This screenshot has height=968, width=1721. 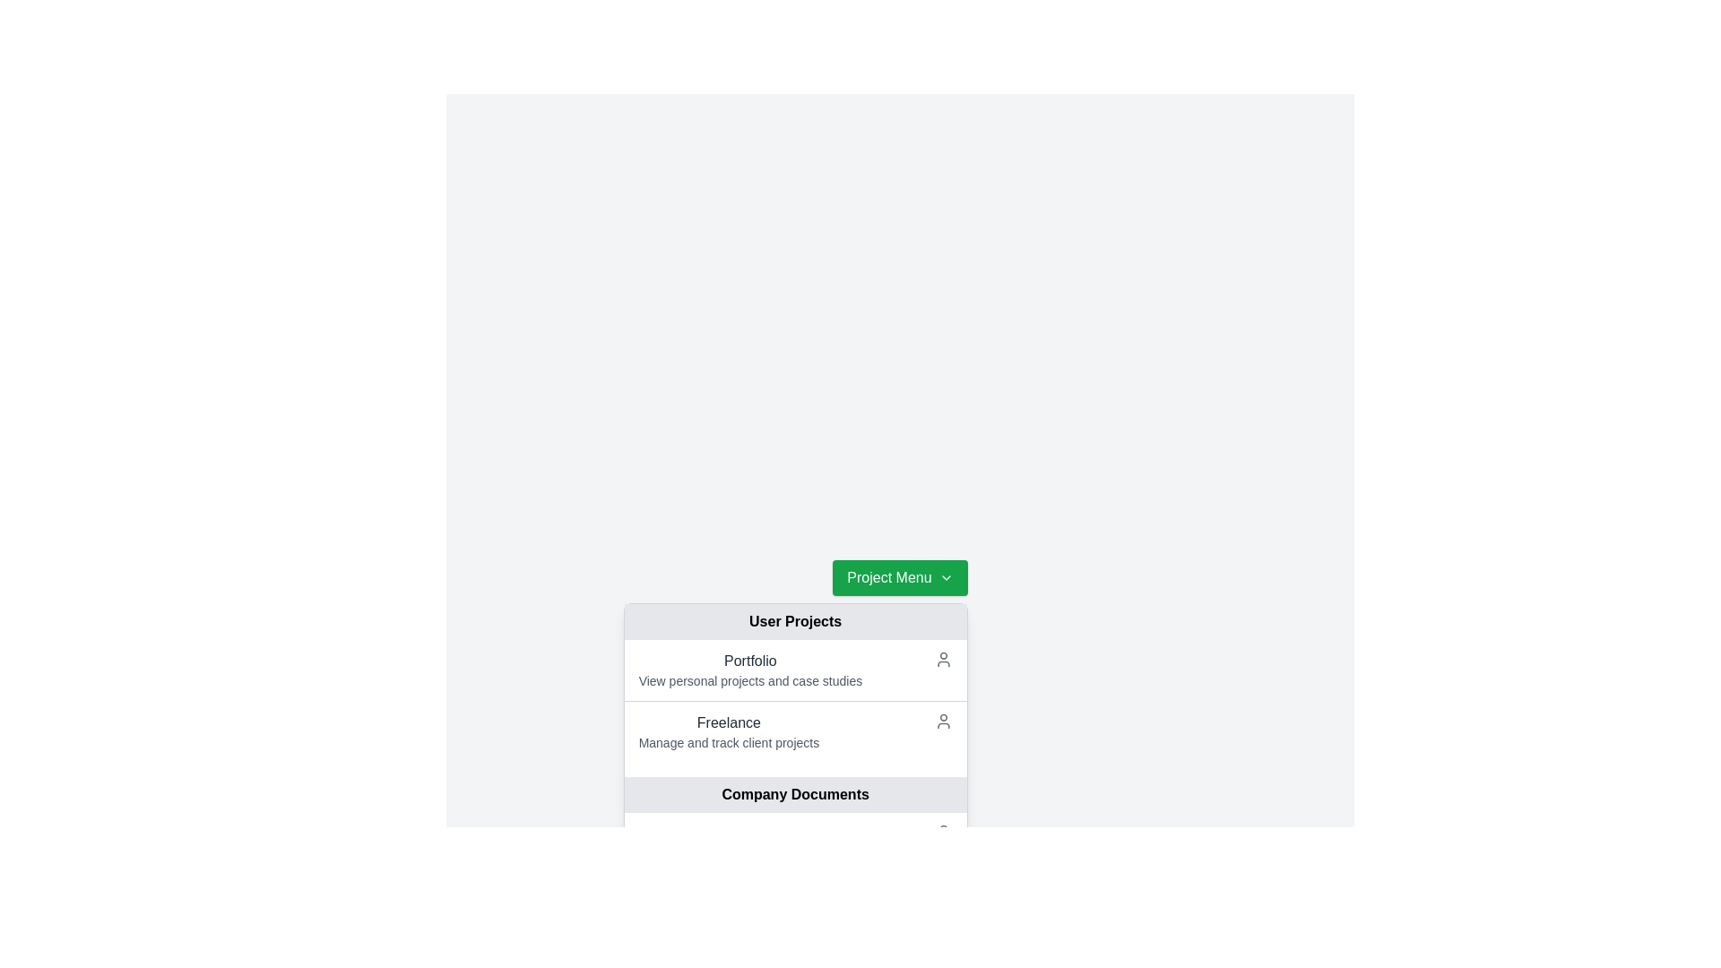 What do you see at coordinates (750, 670) in the screenshot?
I see `the 'Portfolio' menu item which is styled with a bold dark gray title and a light gray subtitle, located in the 'User Projects' dropdown menu, positioned above 'Freelance'` at bounding box center [750, 670].